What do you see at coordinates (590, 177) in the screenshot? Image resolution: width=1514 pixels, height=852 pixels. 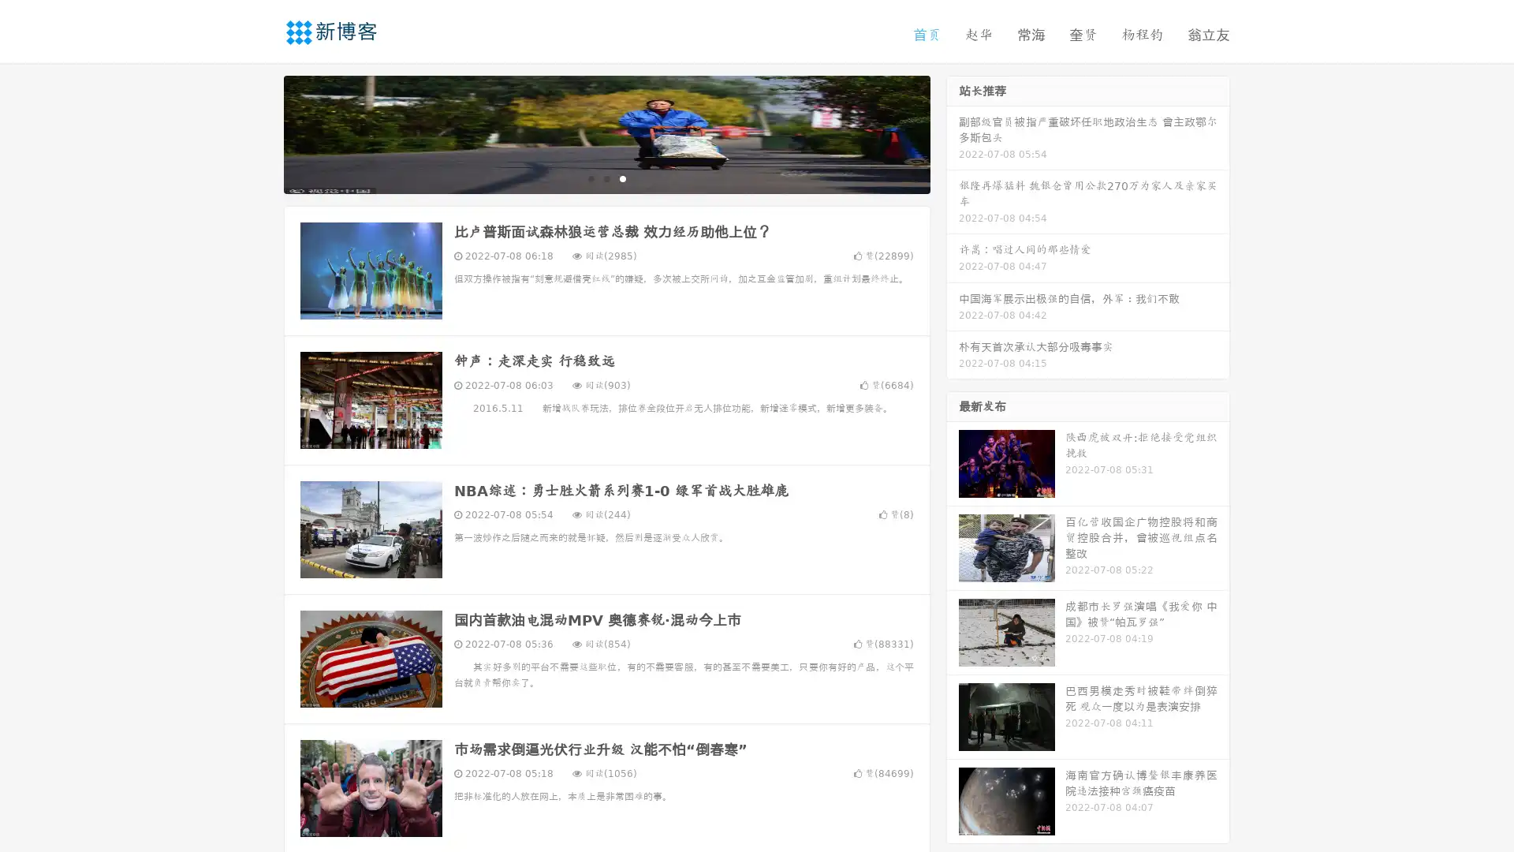 I see `Go to slide 1` at bounding box center [590, 177].